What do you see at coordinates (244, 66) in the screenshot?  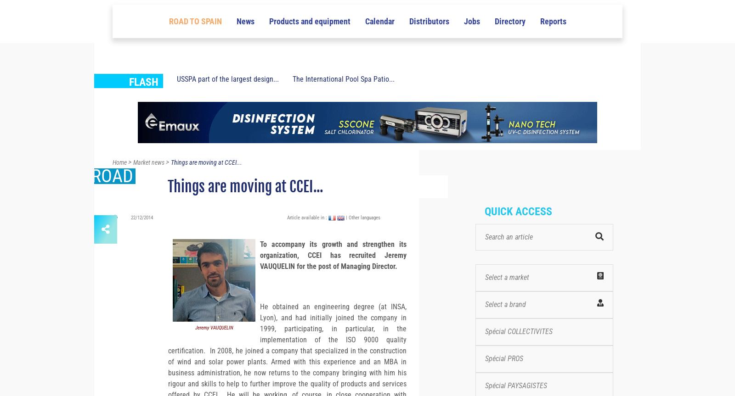 I see `'News'` at bounding box center [244, 66].